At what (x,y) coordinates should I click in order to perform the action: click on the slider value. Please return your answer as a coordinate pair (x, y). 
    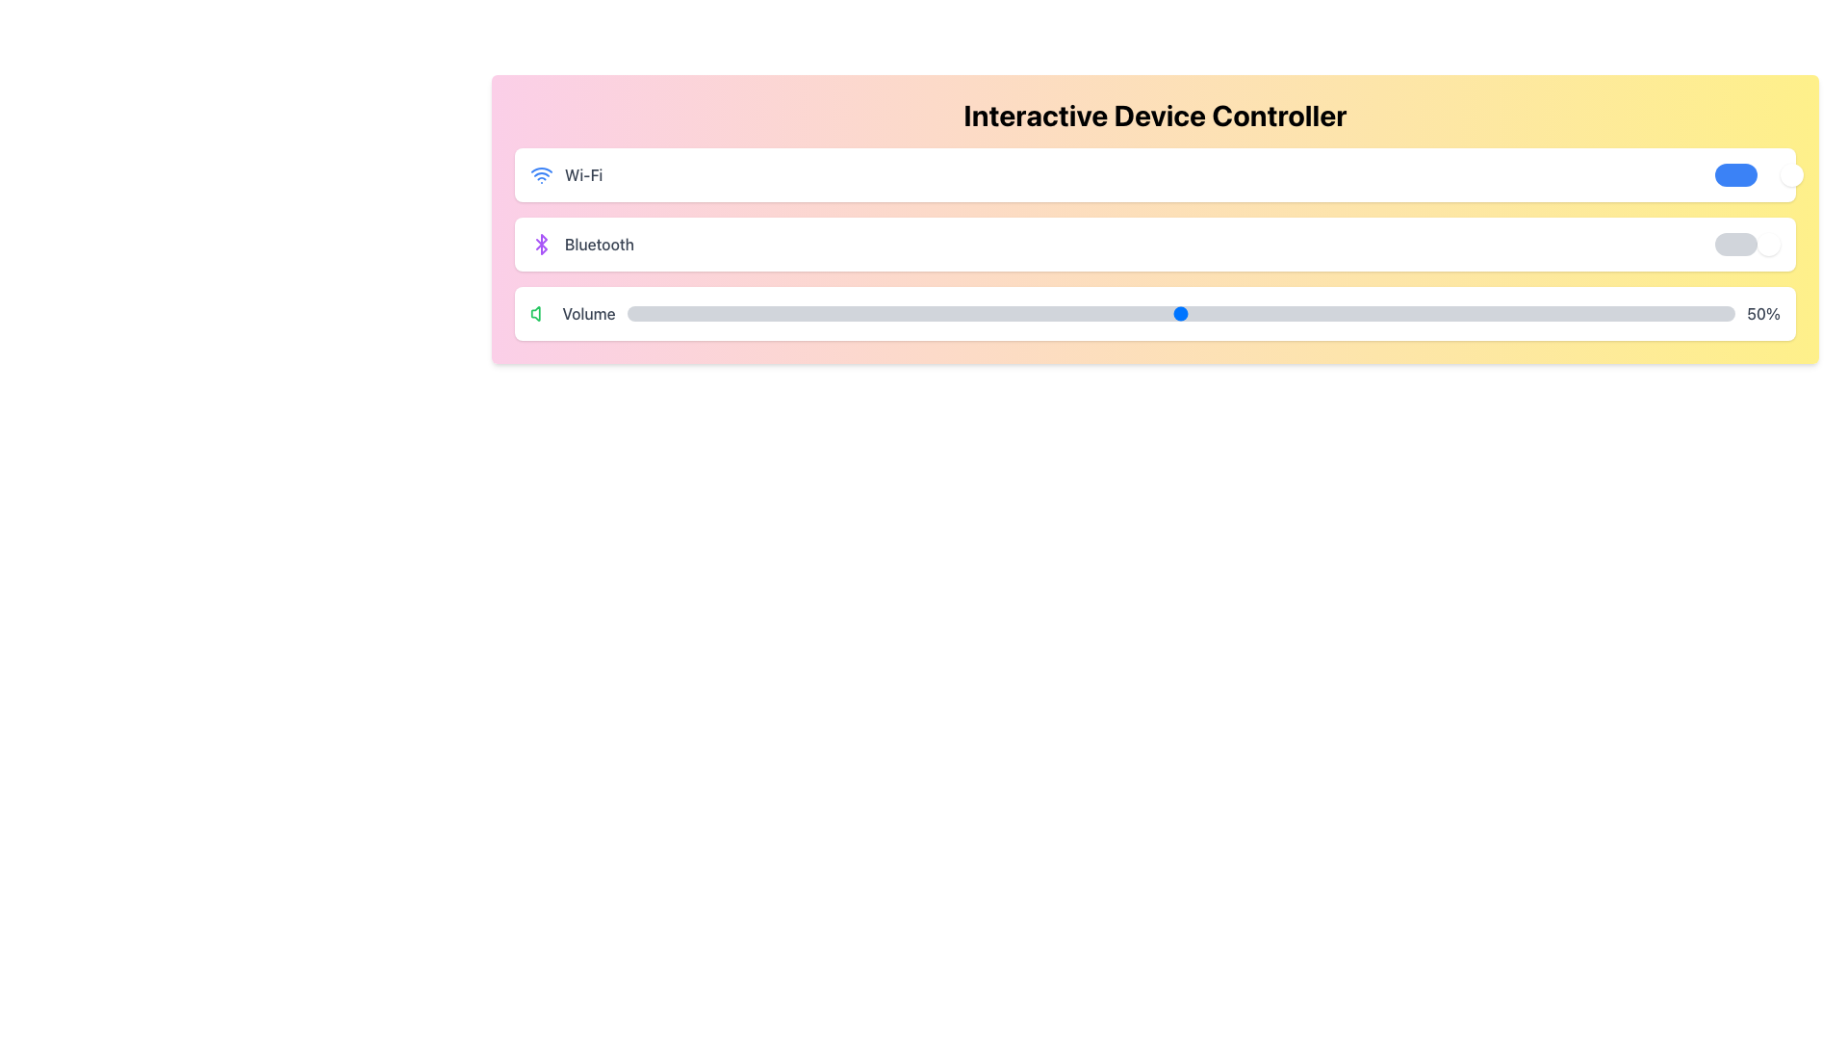
    Looking at the image, I should click on (881, 304).